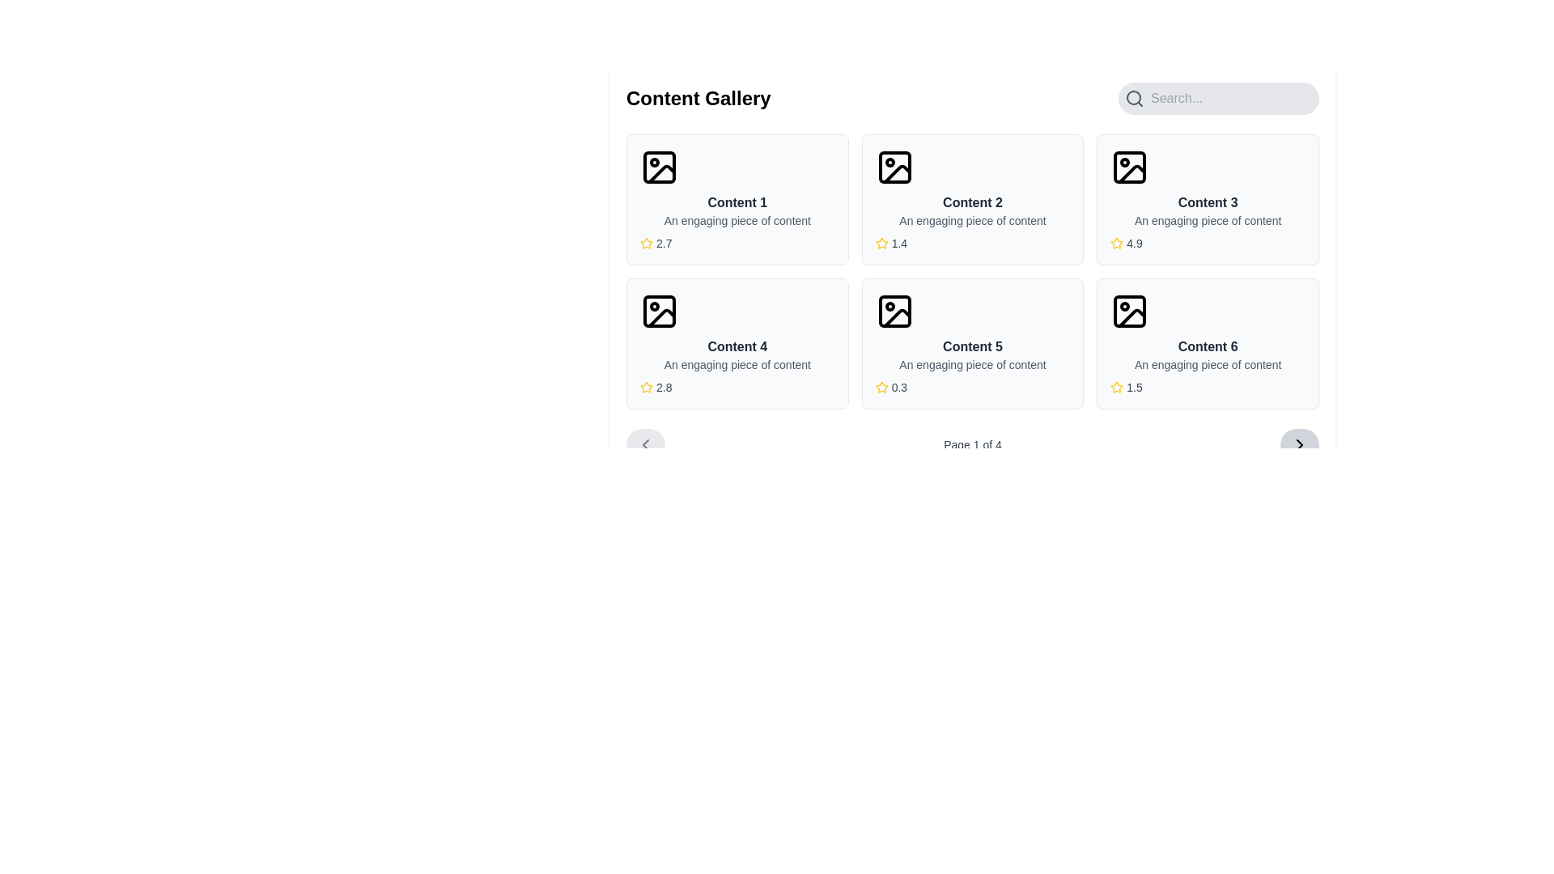 The width and height of the screenshot is (1554, 874). What do you see at coordinates (1116, 243) in the screenshot?
I see `the third star icon representing the graphical rating marker for 'Content 3' located under the text description` at bounding box center [1116, 243].